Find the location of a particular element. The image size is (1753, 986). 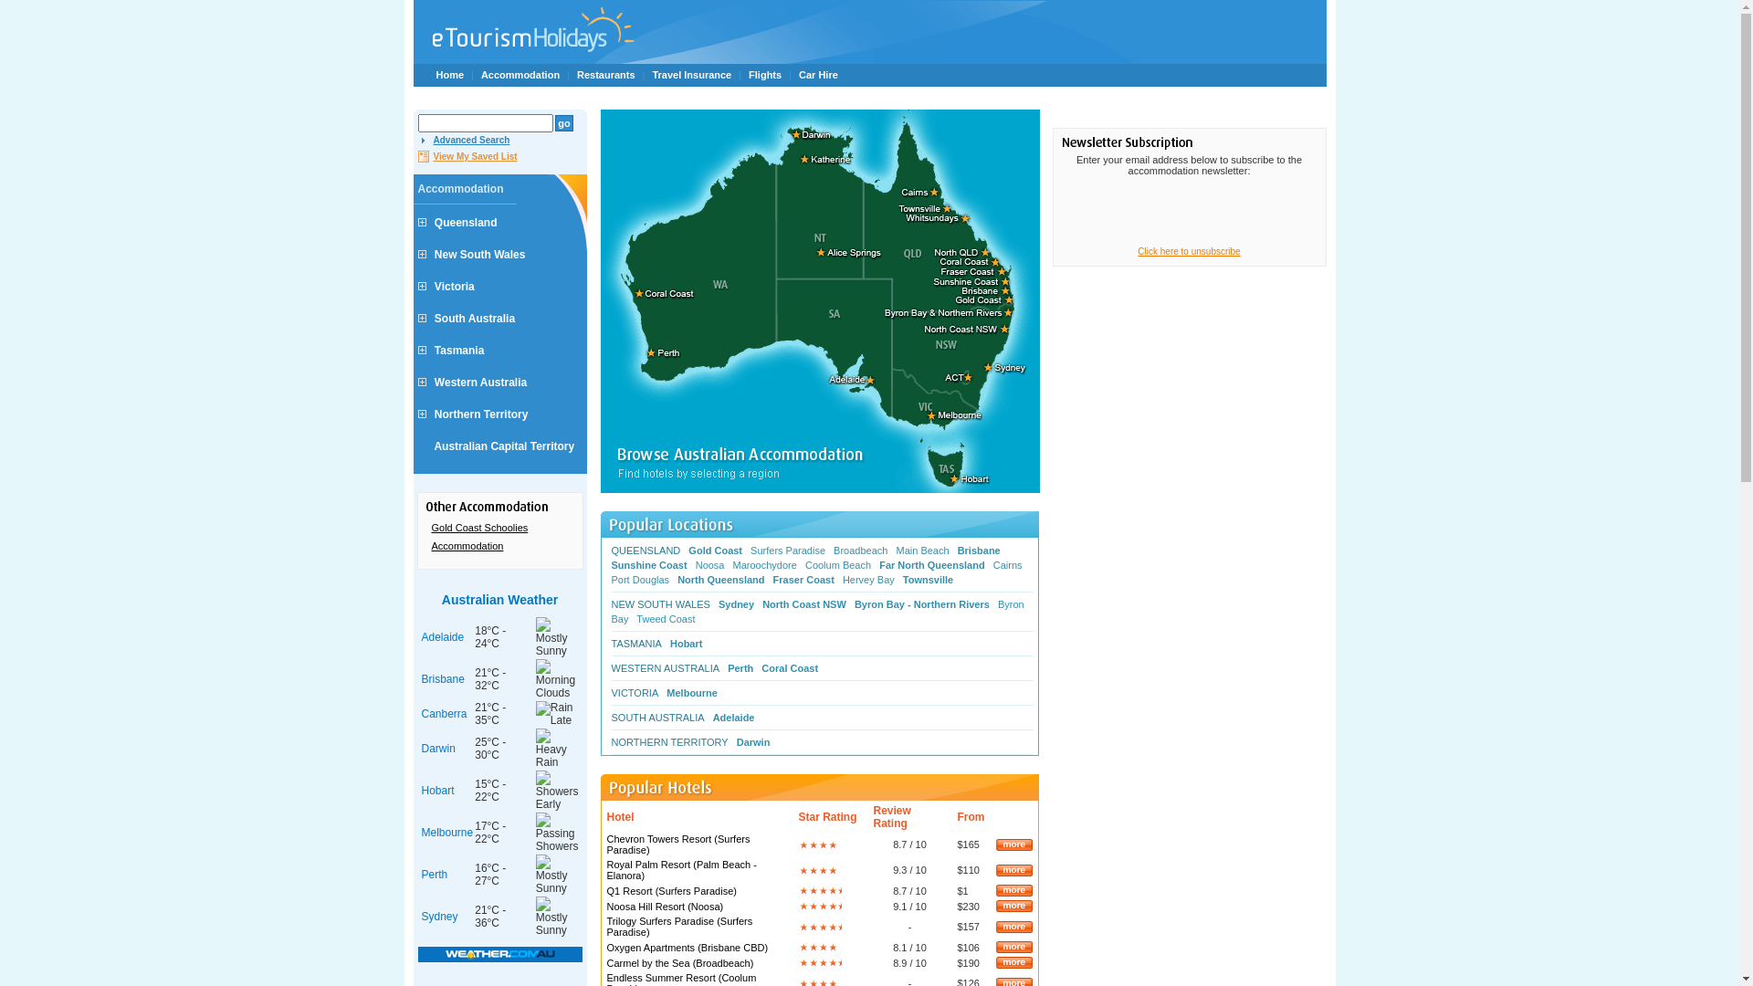

'Queensland' is located at coordinates (433, 221).